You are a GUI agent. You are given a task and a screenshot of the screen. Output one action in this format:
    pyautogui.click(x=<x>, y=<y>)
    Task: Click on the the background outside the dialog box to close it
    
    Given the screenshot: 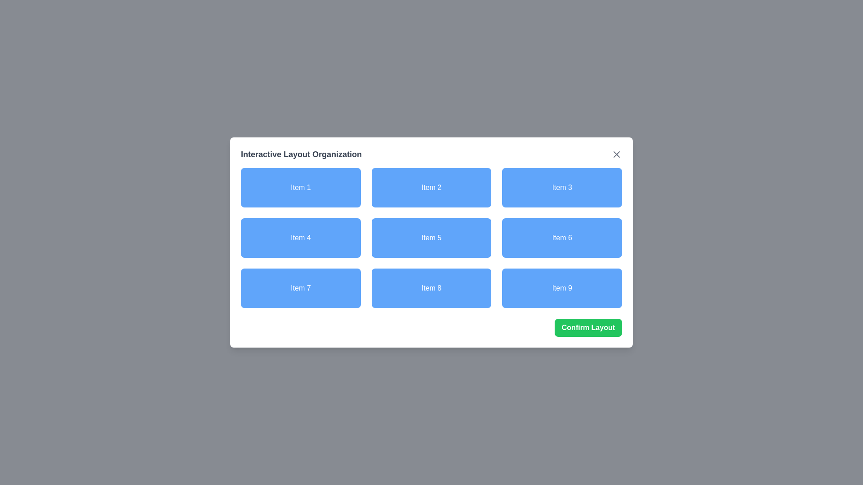 What is the action you would take?
    pyautogui.click(x=22, y=22)
    